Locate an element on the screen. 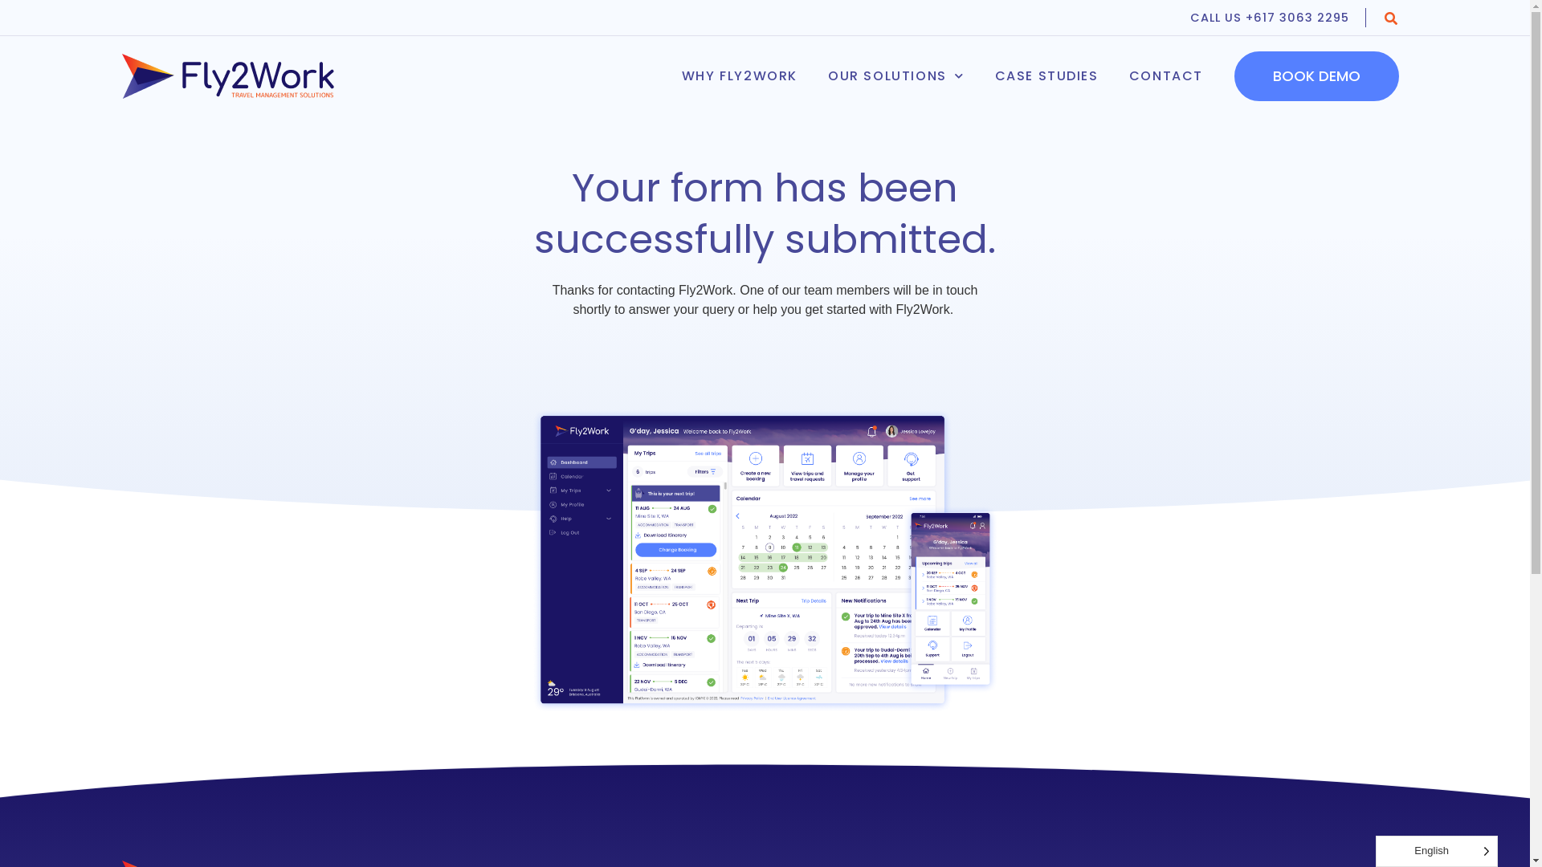 The width and height of the screenshot is (1542, 867). 'BOOK DEMO' is located at coordinates (1316, 76).